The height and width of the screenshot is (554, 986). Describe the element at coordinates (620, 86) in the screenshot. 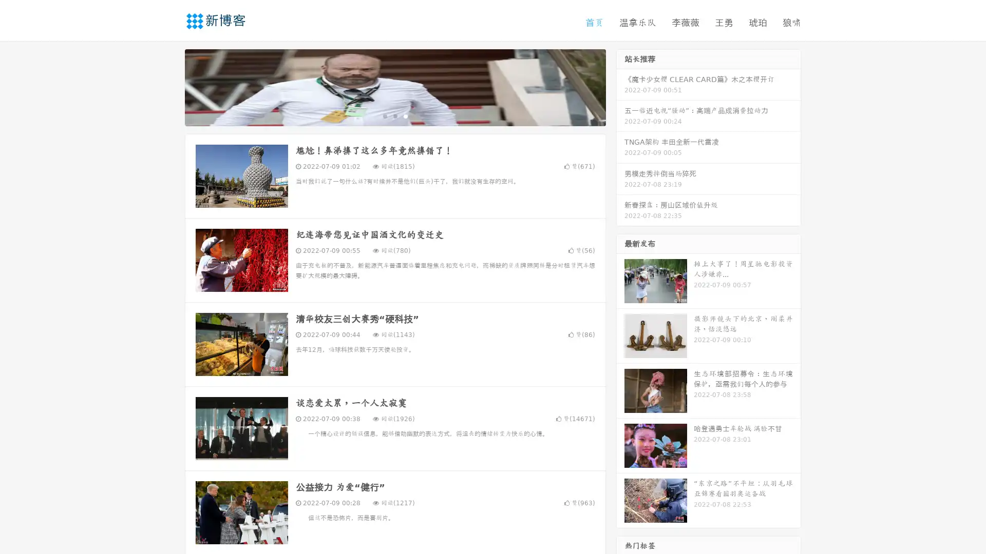

I see `Next slide` at that location.